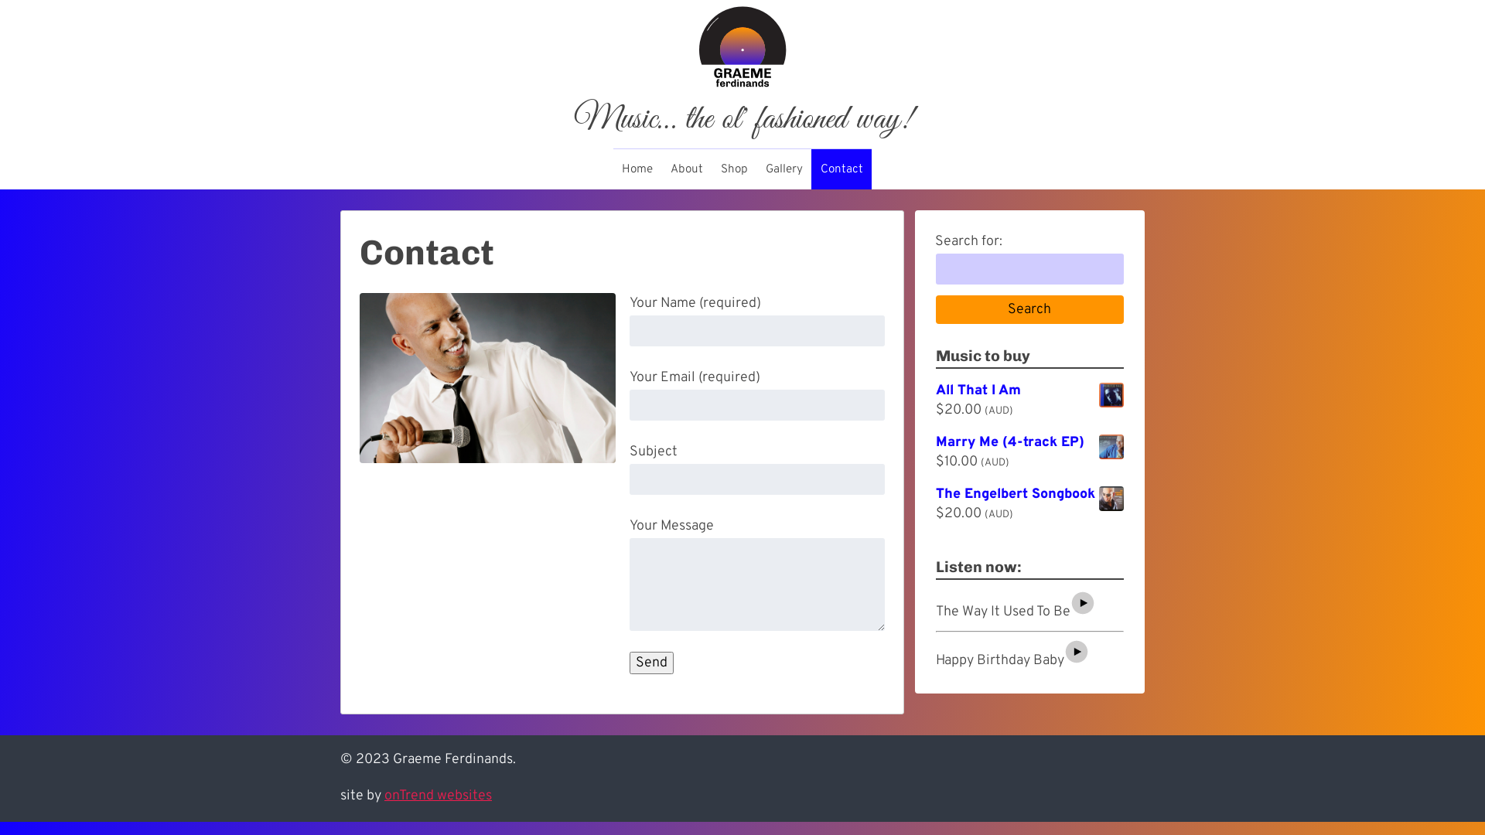 This screenshot has width=1485, height=835. I want to click on 'About', so click(686, 169).